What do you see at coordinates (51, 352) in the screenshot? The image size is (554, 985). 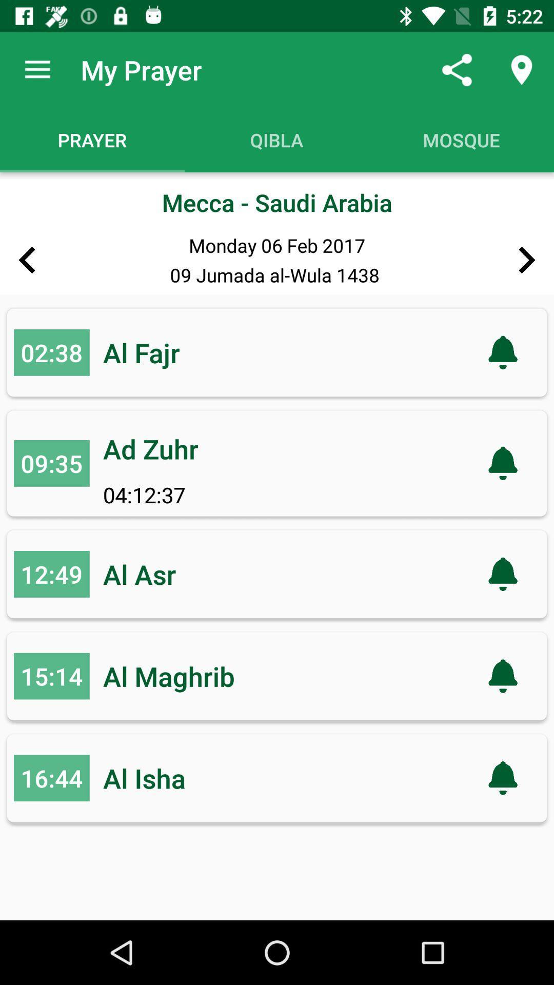 I see `02:38 item` at bounding box center [51, 352].